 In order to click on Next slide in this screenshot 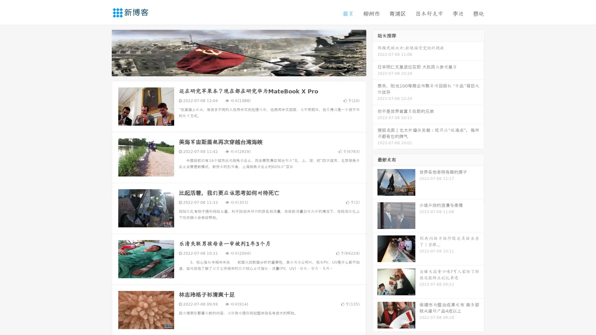, I will do `click(375, 52)`.